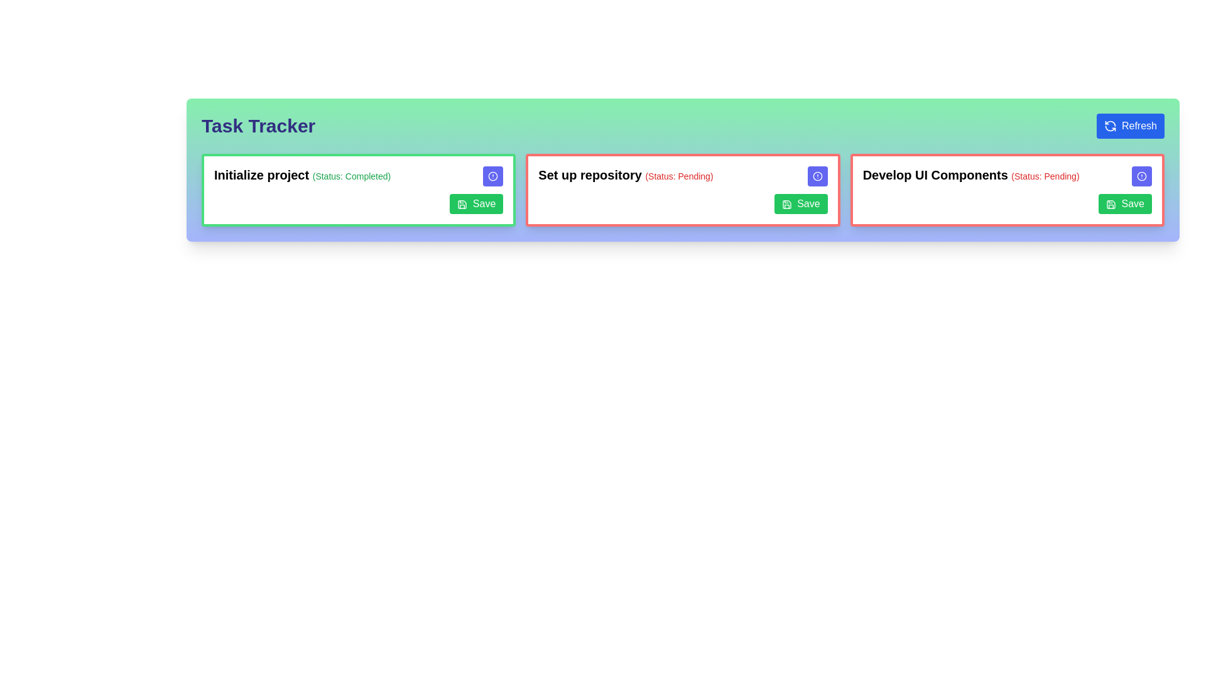 The height and width of the screenshot is (678, 1206). I want to click on status text displayed as '(Status: Pending)' in a small, light font with red coloring, located to the immediate right of the main task name in the task card labeled 'Develop UI Components.', so click(1045, 176).